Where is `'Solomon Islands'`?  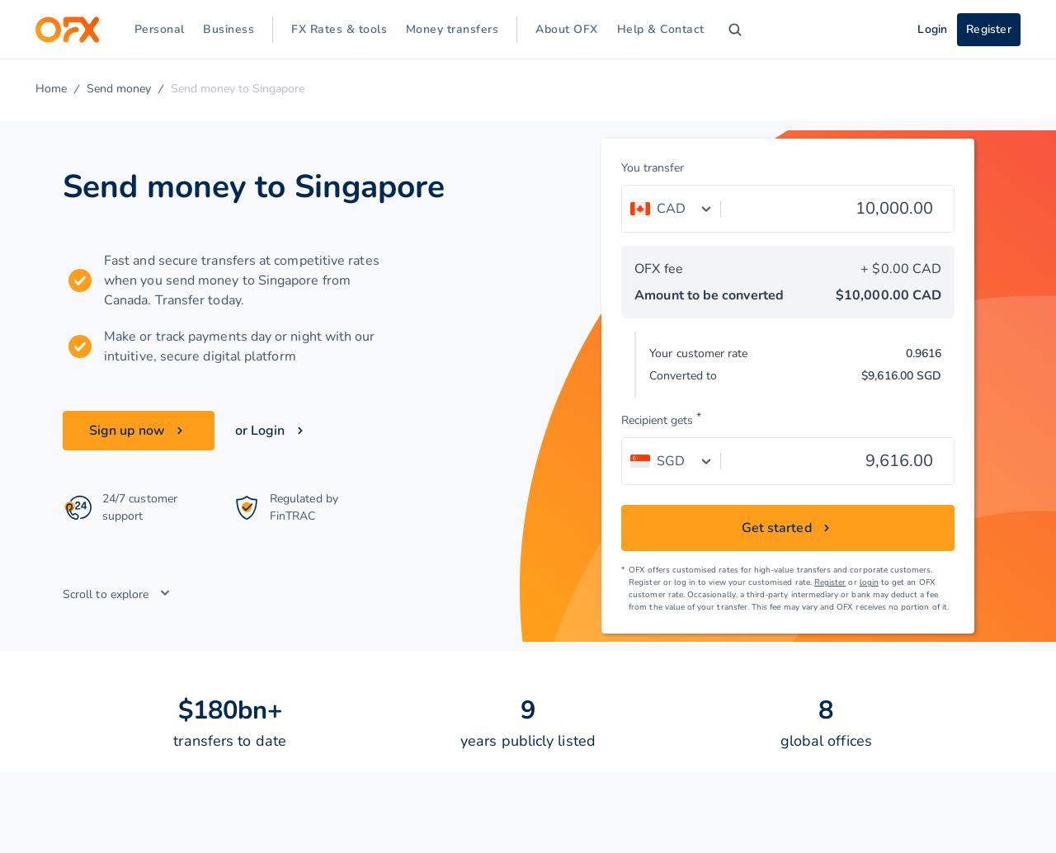
'Solomon Islands' is located at coordinates (785, 723).